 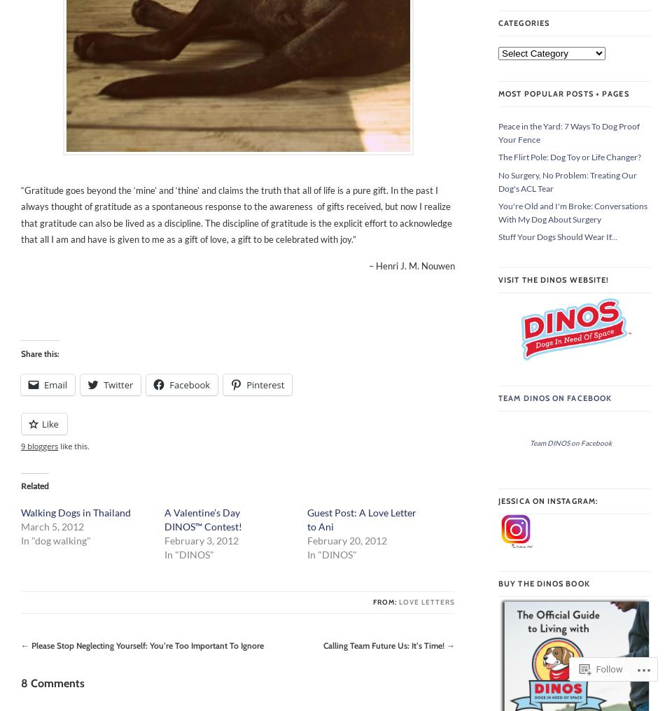 What do you see at coordinates (547, 500) in the screenshot?
I see `'Jessica on Instagram:'` at bounding box center [547, 500].